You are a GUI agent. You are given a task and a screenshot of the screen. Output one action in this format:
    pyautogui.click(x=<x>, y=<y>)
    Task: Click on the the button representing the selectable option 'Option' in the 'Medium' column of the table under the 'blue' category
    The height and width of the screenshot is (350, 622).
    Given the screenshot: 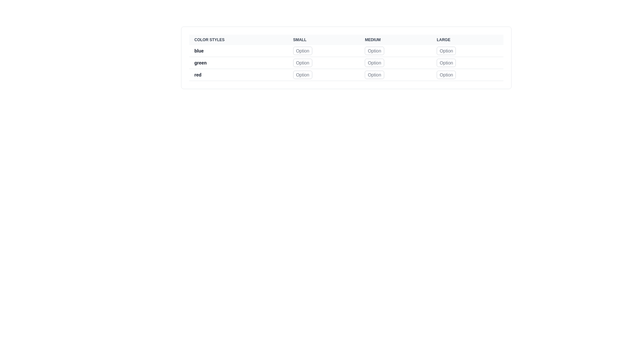 What is the action you would take?
    pyautogui.click(x=374, y=51)
    